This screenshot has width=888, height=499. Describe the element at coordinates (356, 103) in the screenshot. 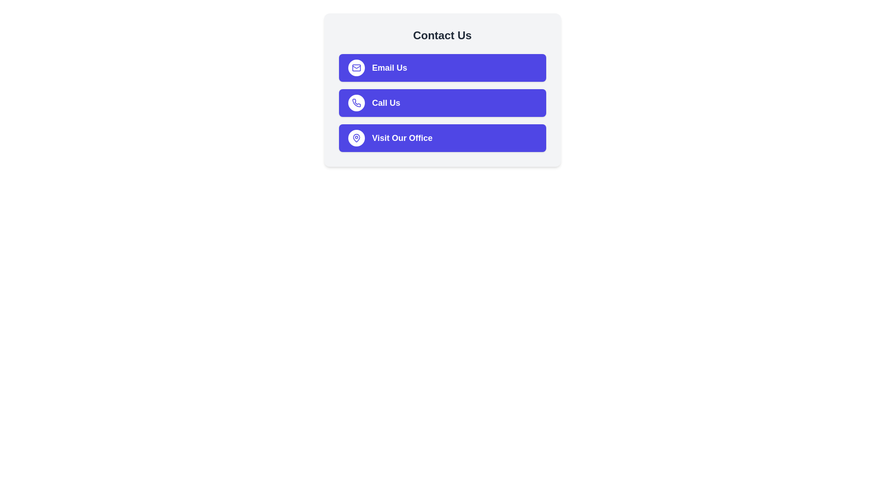

I see `the phone icon located to the left of the 'Call Us' button in the 'Contact Us' section, which indicates call activities` at that location.